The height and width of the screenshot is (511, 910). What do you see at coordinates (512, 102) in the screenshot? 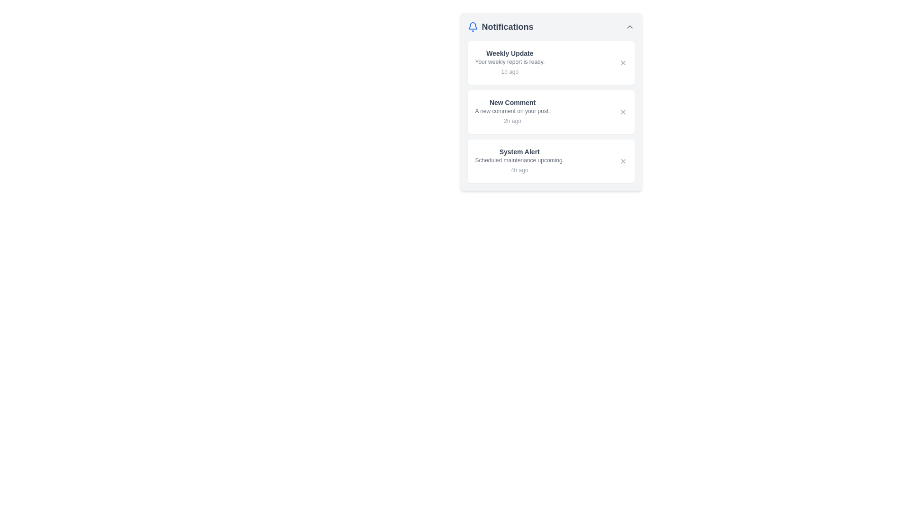
I see `the Text Label that serves as the heading for the associated notification, located in the notifications dropdown between the 'Weekly Update' and 'System Alert' notifications` at bounding box center [512, 102].